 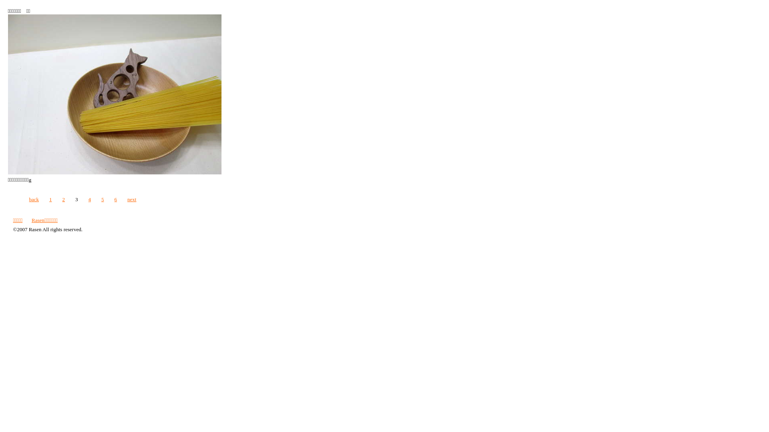 What do you see at coordinates (102, 198) in the screenshot?
I see `'5'` at bounding box center [102, 198].